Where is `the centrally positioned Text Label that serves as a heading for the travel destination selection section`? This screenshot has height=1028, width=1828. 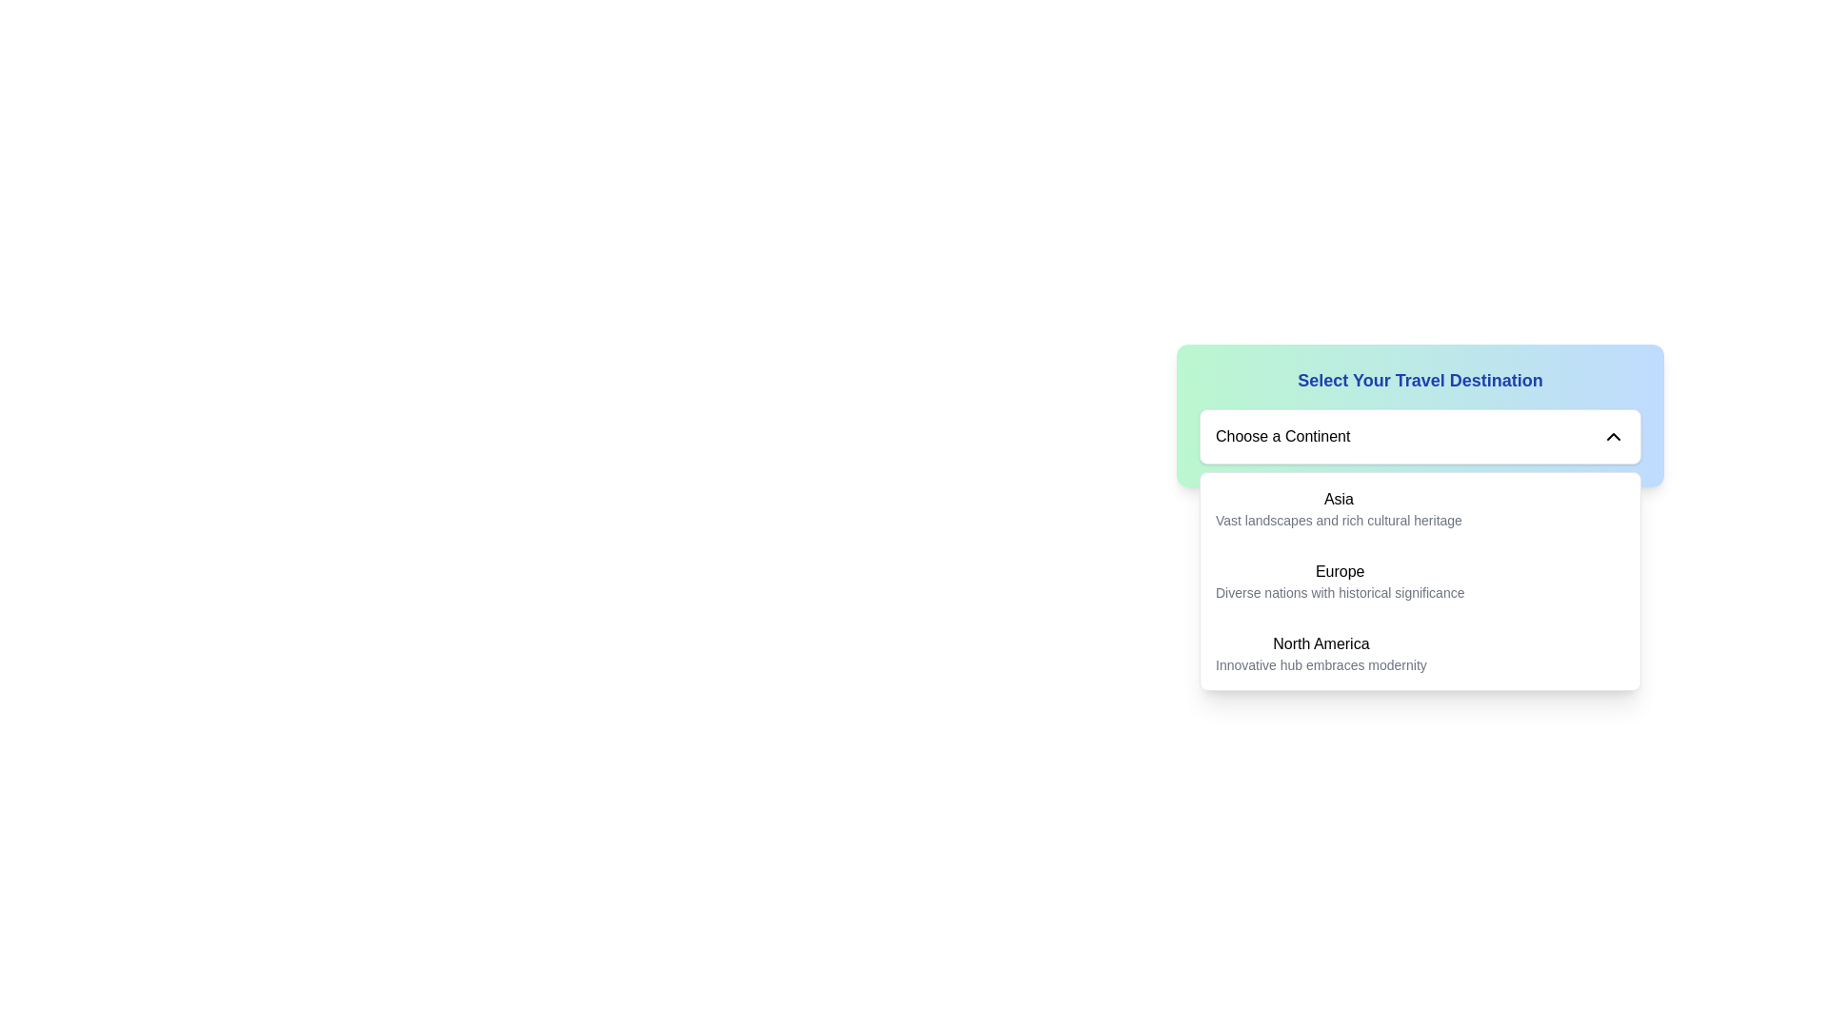
the centrally positioned Text Label that serves as a heading for the travel destination selection section is located at coordinates (1421, 381).